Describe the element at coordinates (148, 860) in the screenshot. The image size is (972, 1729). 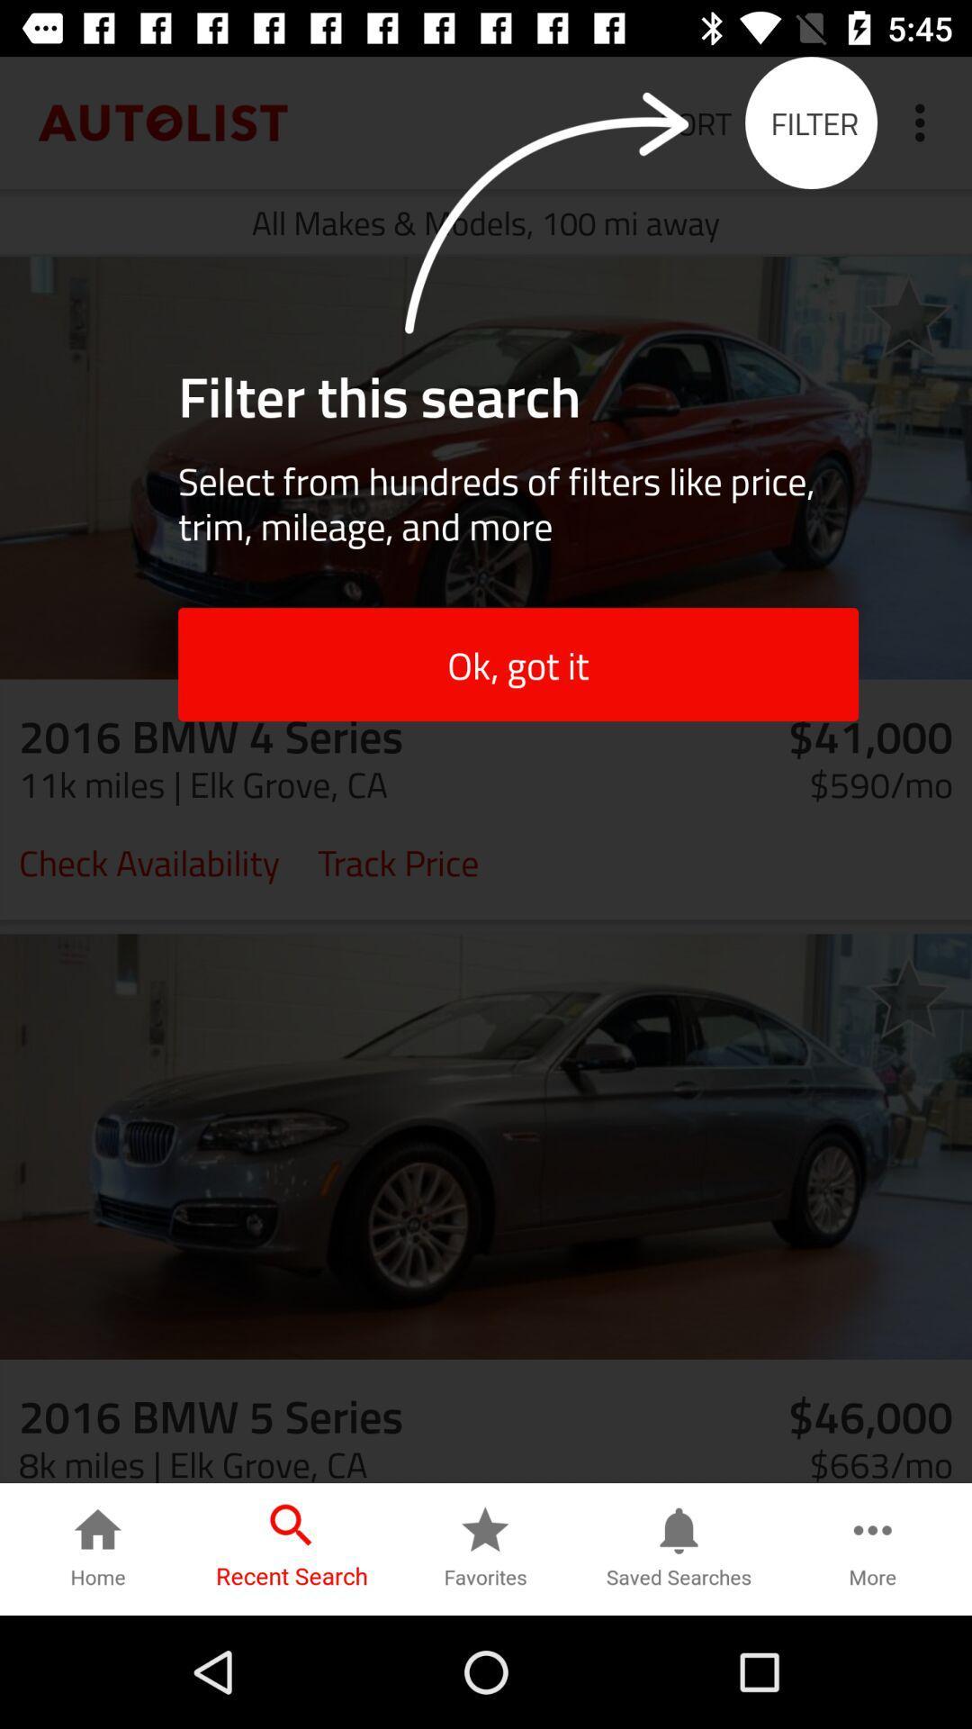
I see `check availability item` at that location.